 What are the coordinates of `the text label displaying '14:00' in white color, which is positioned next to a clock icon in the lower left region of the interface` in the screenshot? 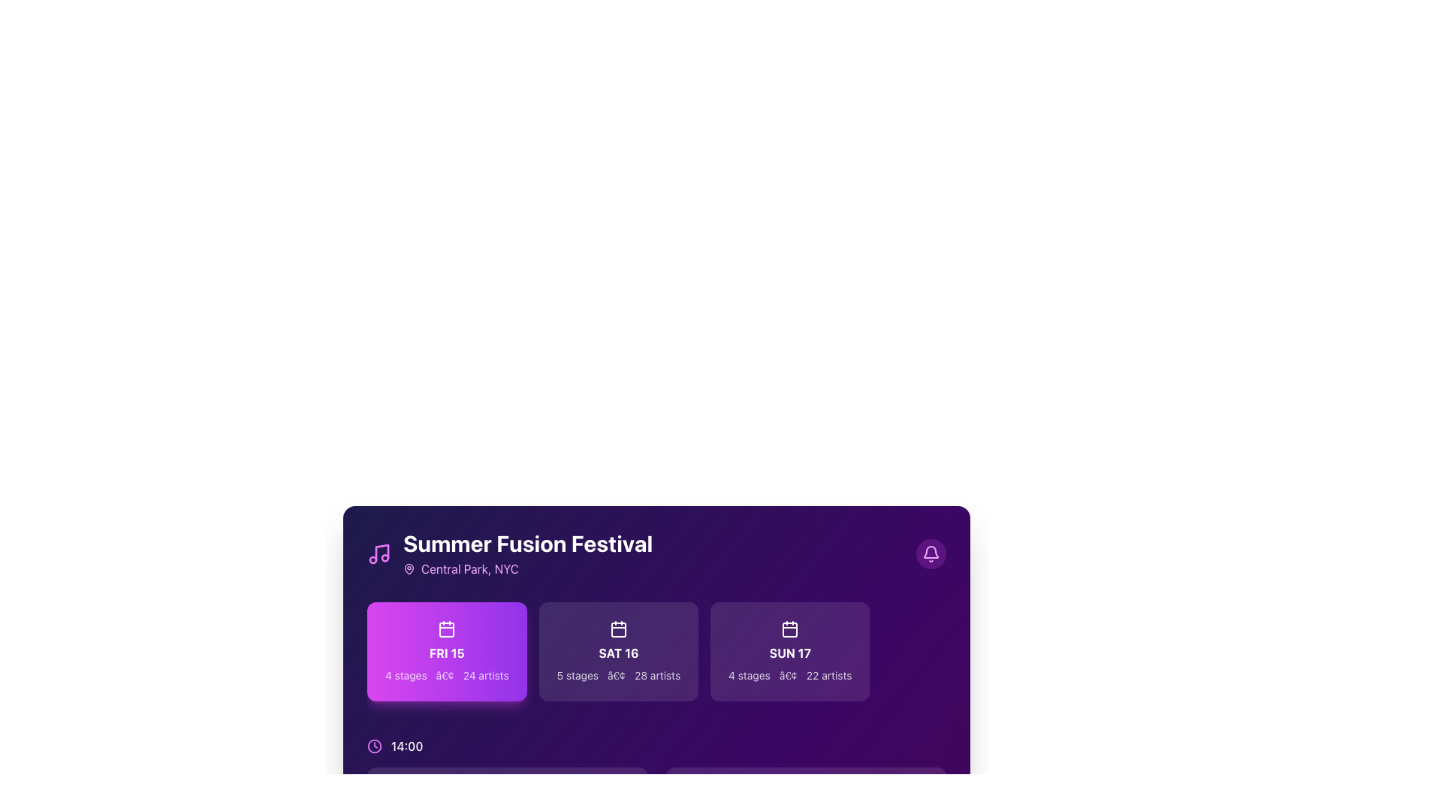 It's located at (407, 746).